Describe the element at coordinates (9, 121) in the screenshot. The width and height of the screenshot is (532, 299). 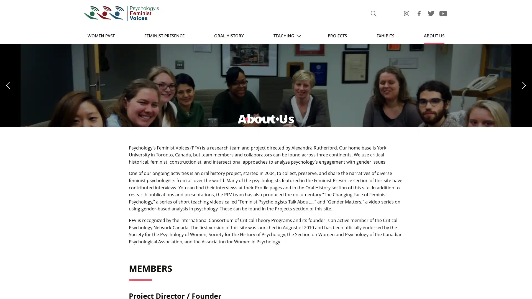
I see `Previous` at that location.